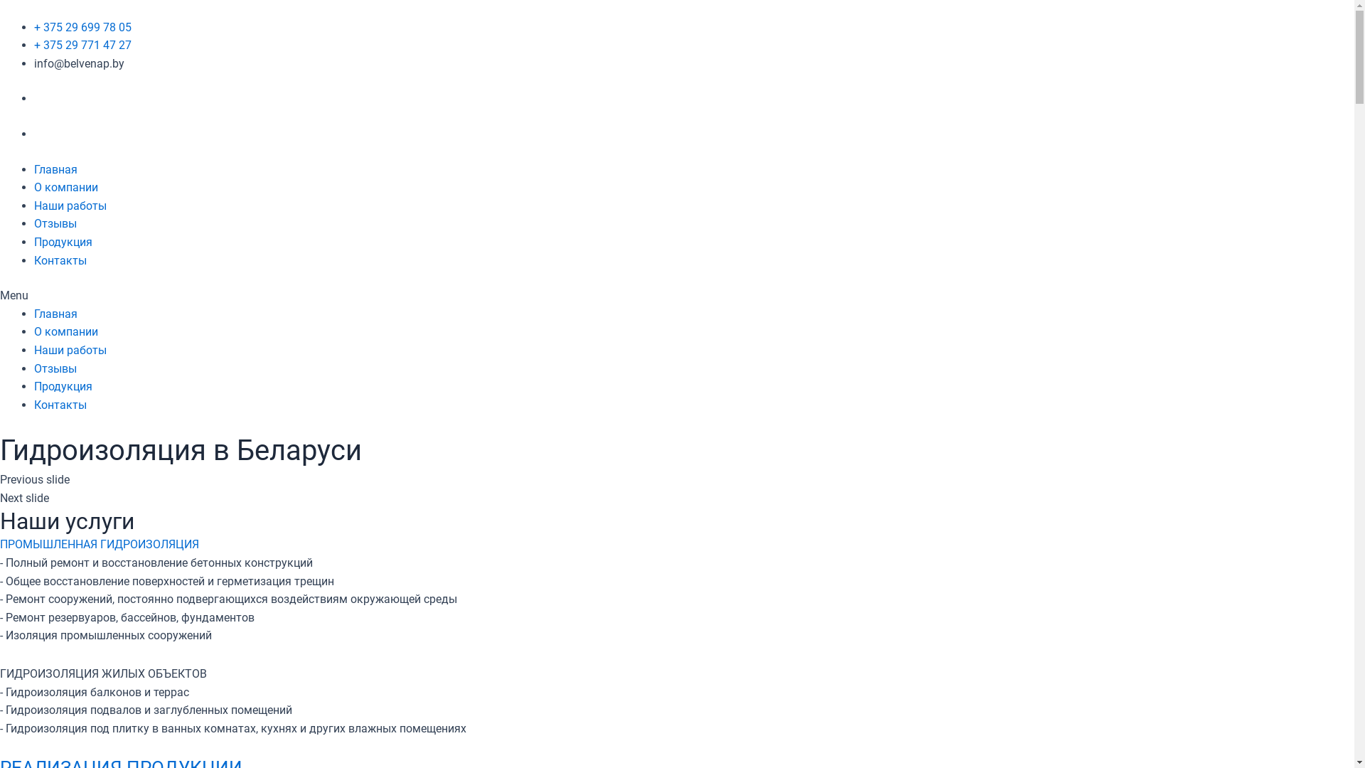  I want to click on '+ 375 29 771 47 27', so click(34, 44).